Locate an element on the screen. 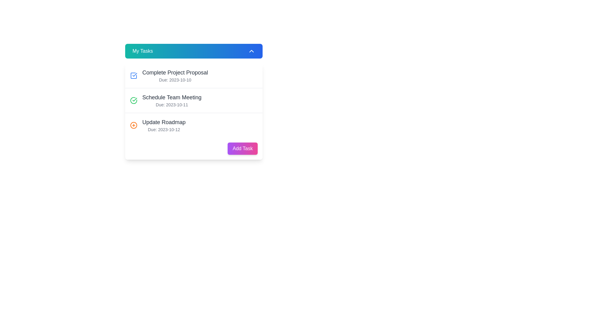 Image resolution: width=589 pixels, height=331 pixels. the green circular icon indicating the completion status of the task 'Complete Project Proposal' in the task list is located at coordinates (134, 99).